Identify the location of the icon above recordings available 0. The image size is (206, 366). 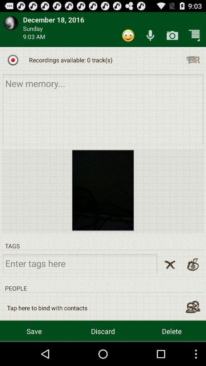
(128, 35).